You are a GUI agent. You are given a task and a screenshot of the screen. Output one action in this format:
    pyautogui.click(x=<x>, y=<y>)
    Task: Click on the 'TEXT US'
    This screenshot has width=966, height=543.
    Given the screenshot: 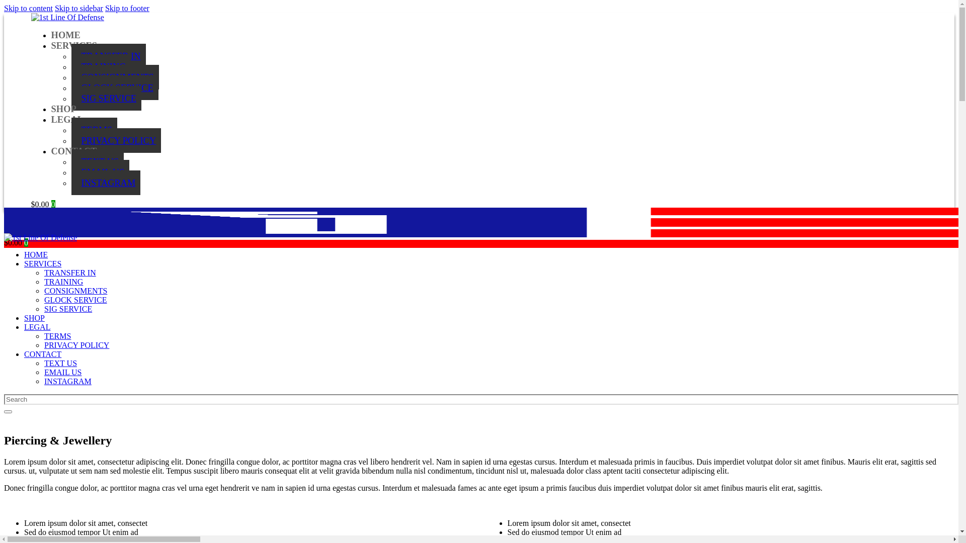 What is the action you would take?
    pyautogui.click(x=60, y=363)
    